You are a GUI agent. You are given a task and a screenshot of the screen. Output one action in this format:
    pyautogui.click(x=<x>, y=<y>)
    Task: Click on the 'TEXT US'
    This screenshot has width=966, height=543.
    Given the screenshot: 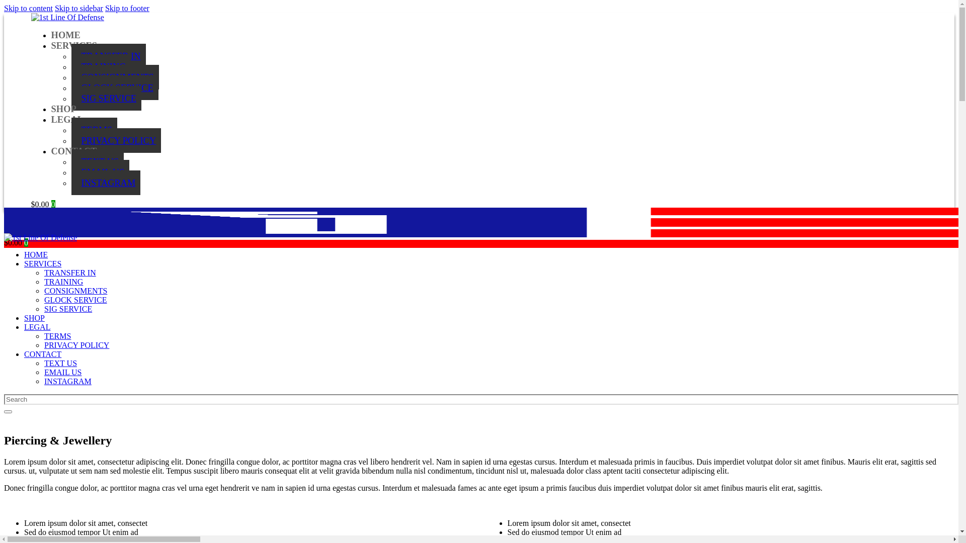 What is the action you would take?
    pyautogui.click(x=60, y=363)
    